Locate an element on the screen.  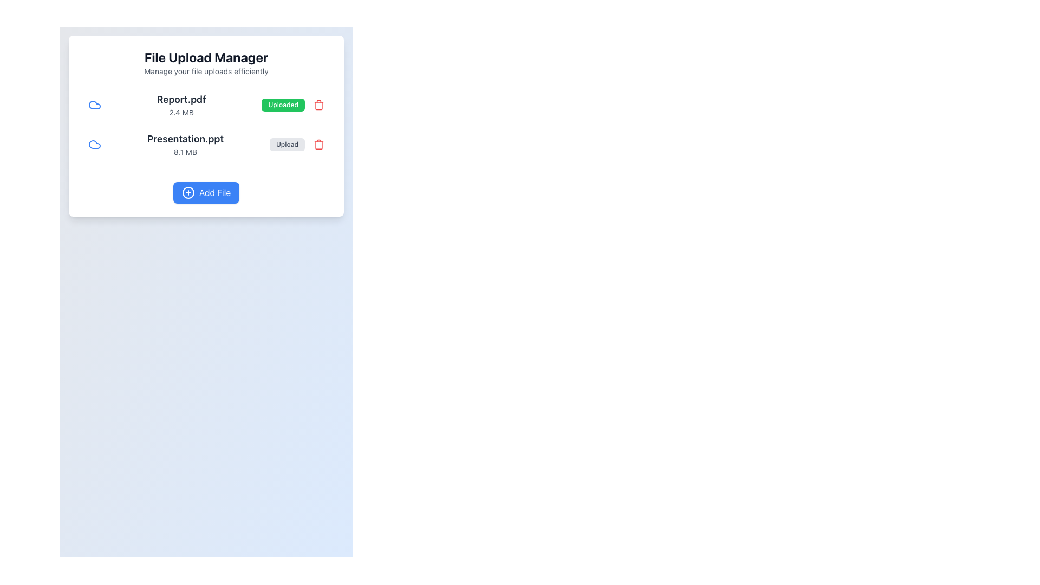
the blue rectangular 'Add File' button with a white plus icon located at the bottom of the 'File Upload Manager' interface is located at coordinates (206, 192).